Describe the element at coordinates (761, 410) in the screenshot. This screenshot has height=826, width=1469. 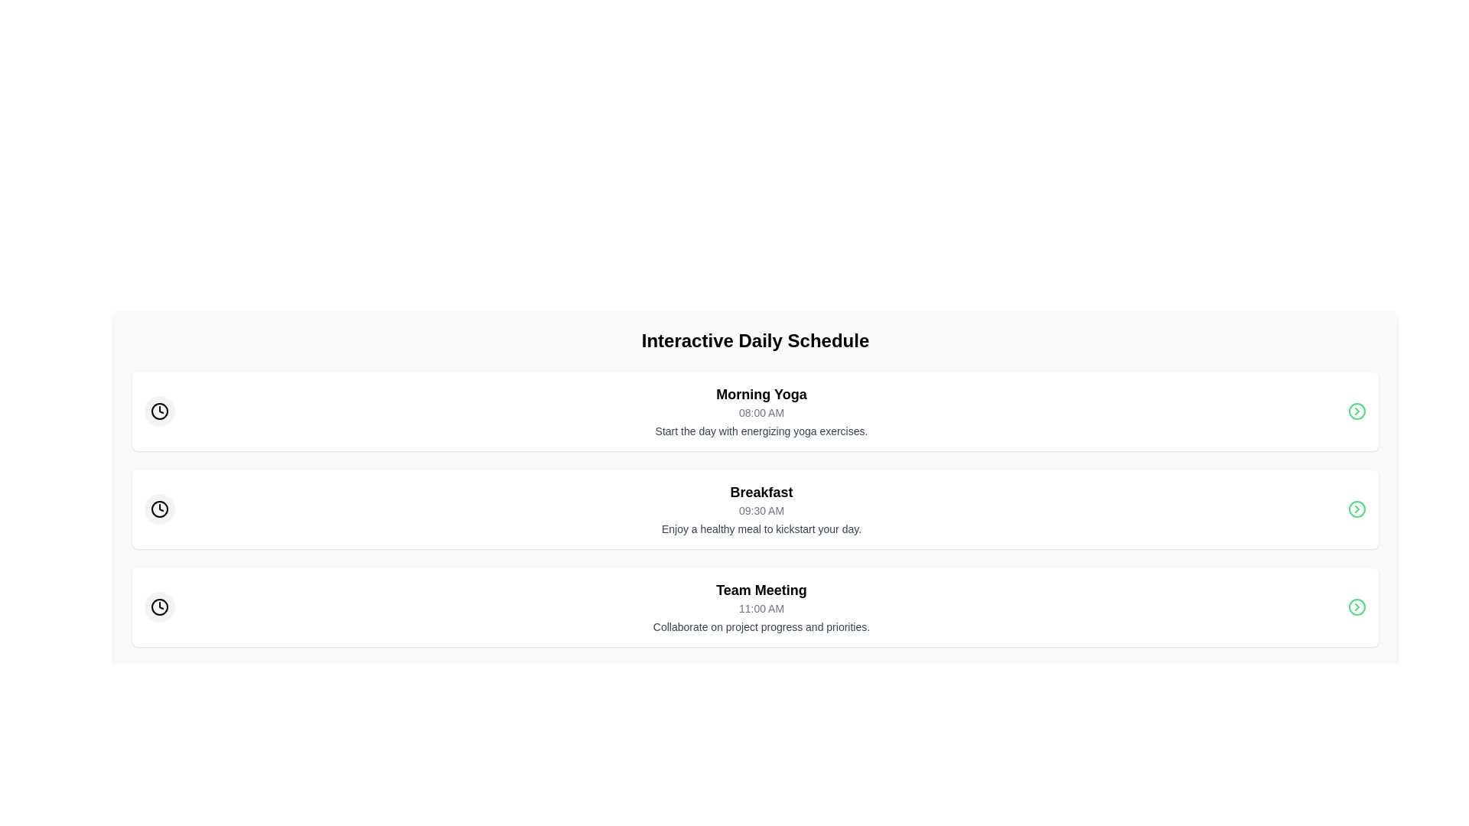
I see `the Text Component Group that details an event in the 'Interactive Daily Schedule', positioned above the 'Breakfast' entry` at that location.